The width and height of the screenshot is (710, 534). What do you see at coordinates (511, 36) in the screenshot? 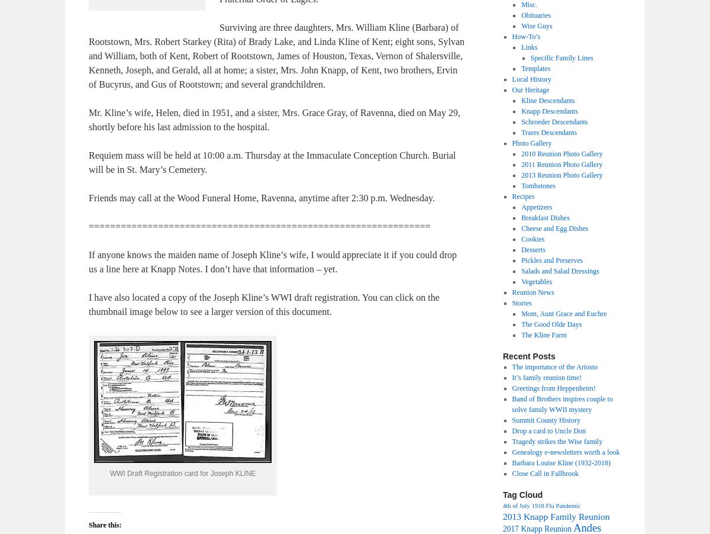
I see `'How-To’s'` at bounding box center [511, 36].